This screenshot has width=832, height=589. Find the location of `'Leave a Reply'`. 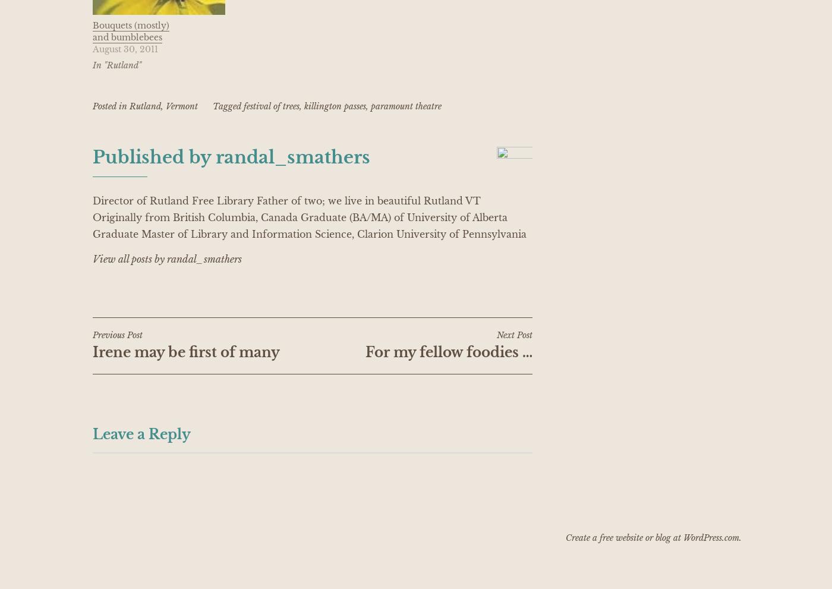

'Leave a Reply' is located at coordinates (92, 433).